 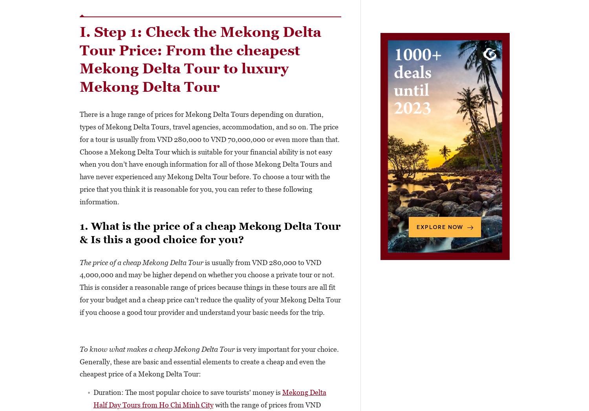 I want to click on '1. What is the price of a cheap Mekong Delta Tour & Is this a good choice for you?', so click(x=210, y=232).